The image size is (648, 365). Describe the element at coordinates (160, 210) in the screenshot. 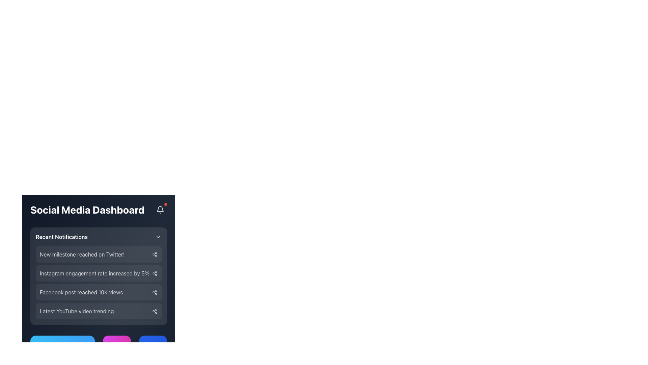

I see `the interactive notification bell icon located at the top-right corner of the 'Social Media Dashboard' bar` at that location.